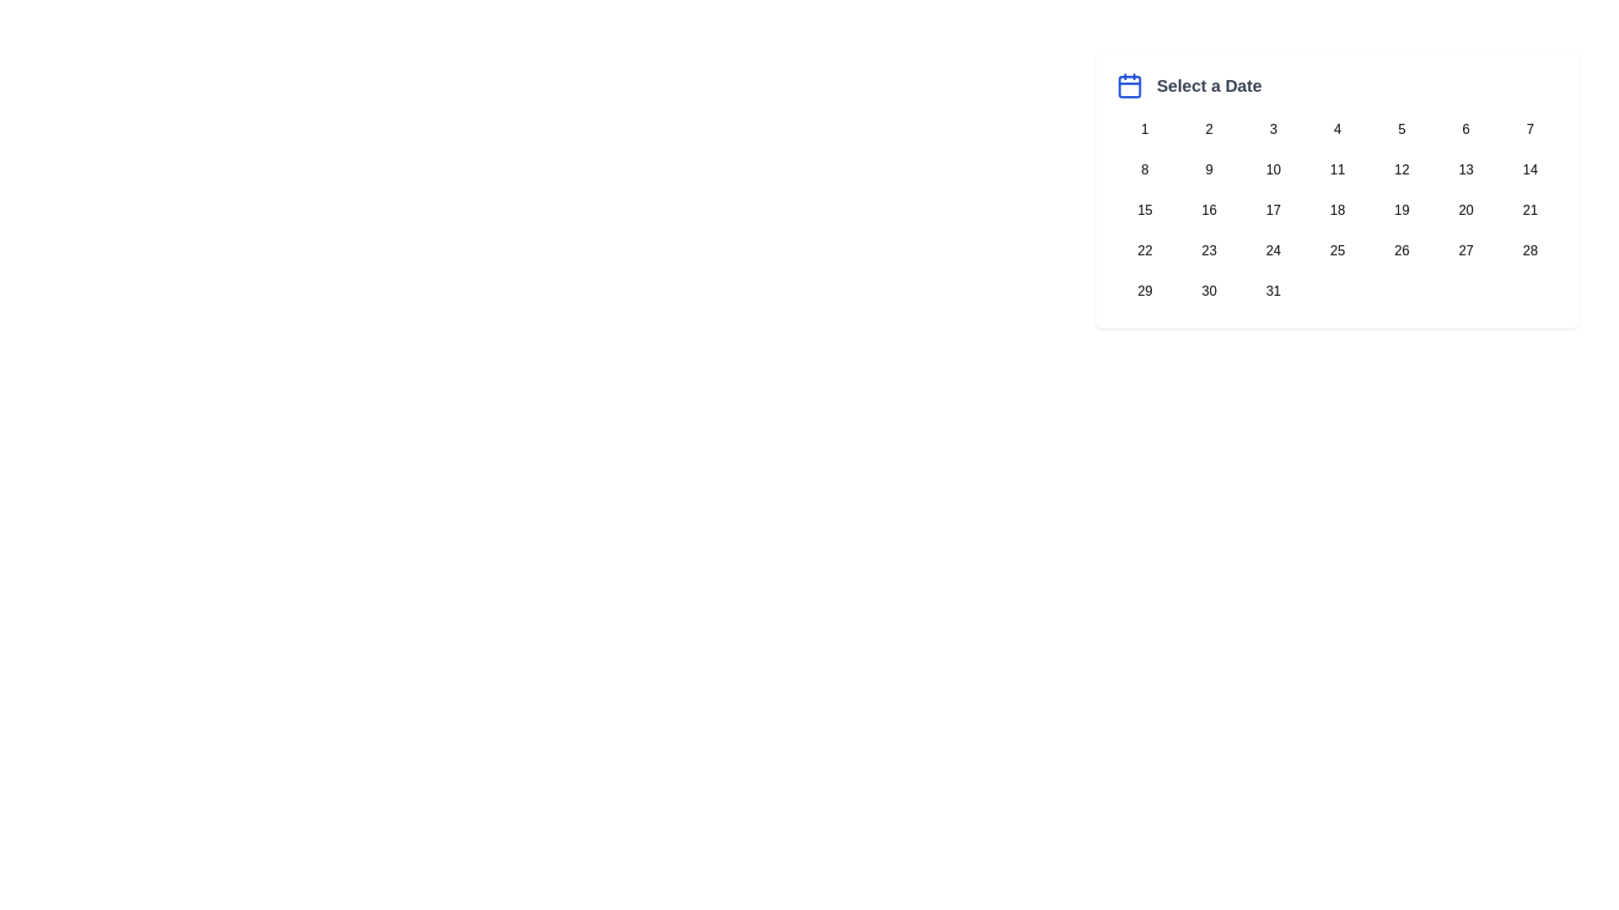 Image resolution: width=1619 pixels, height=910 pixels. I want to click on the styled rectangular element located inside the calendar icon, which is positioned to the left of the 'Select a Date' label in the date picker interface, so click(1129, 87).